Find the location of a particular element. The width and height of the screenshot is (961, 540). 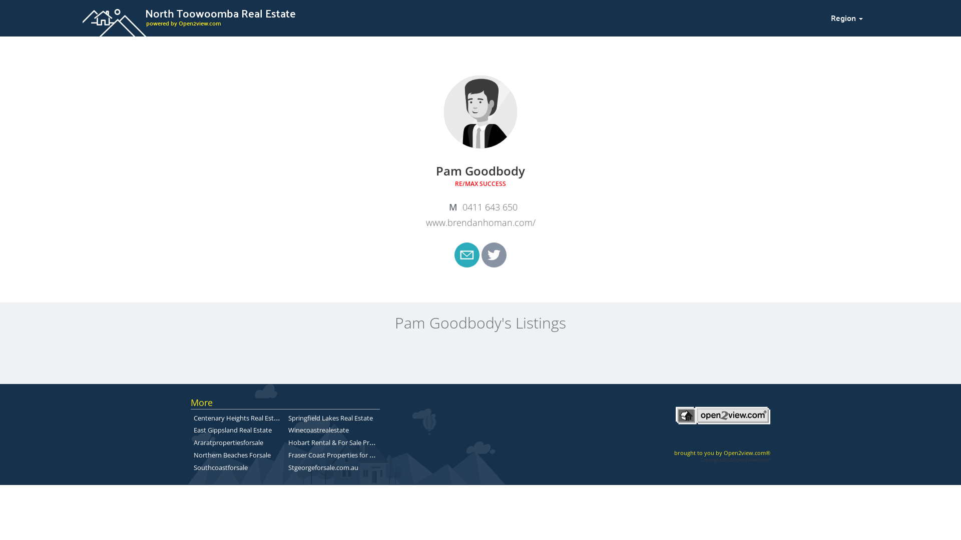

'www.brendanhoman.com/' is located at coordinates (479, 221).